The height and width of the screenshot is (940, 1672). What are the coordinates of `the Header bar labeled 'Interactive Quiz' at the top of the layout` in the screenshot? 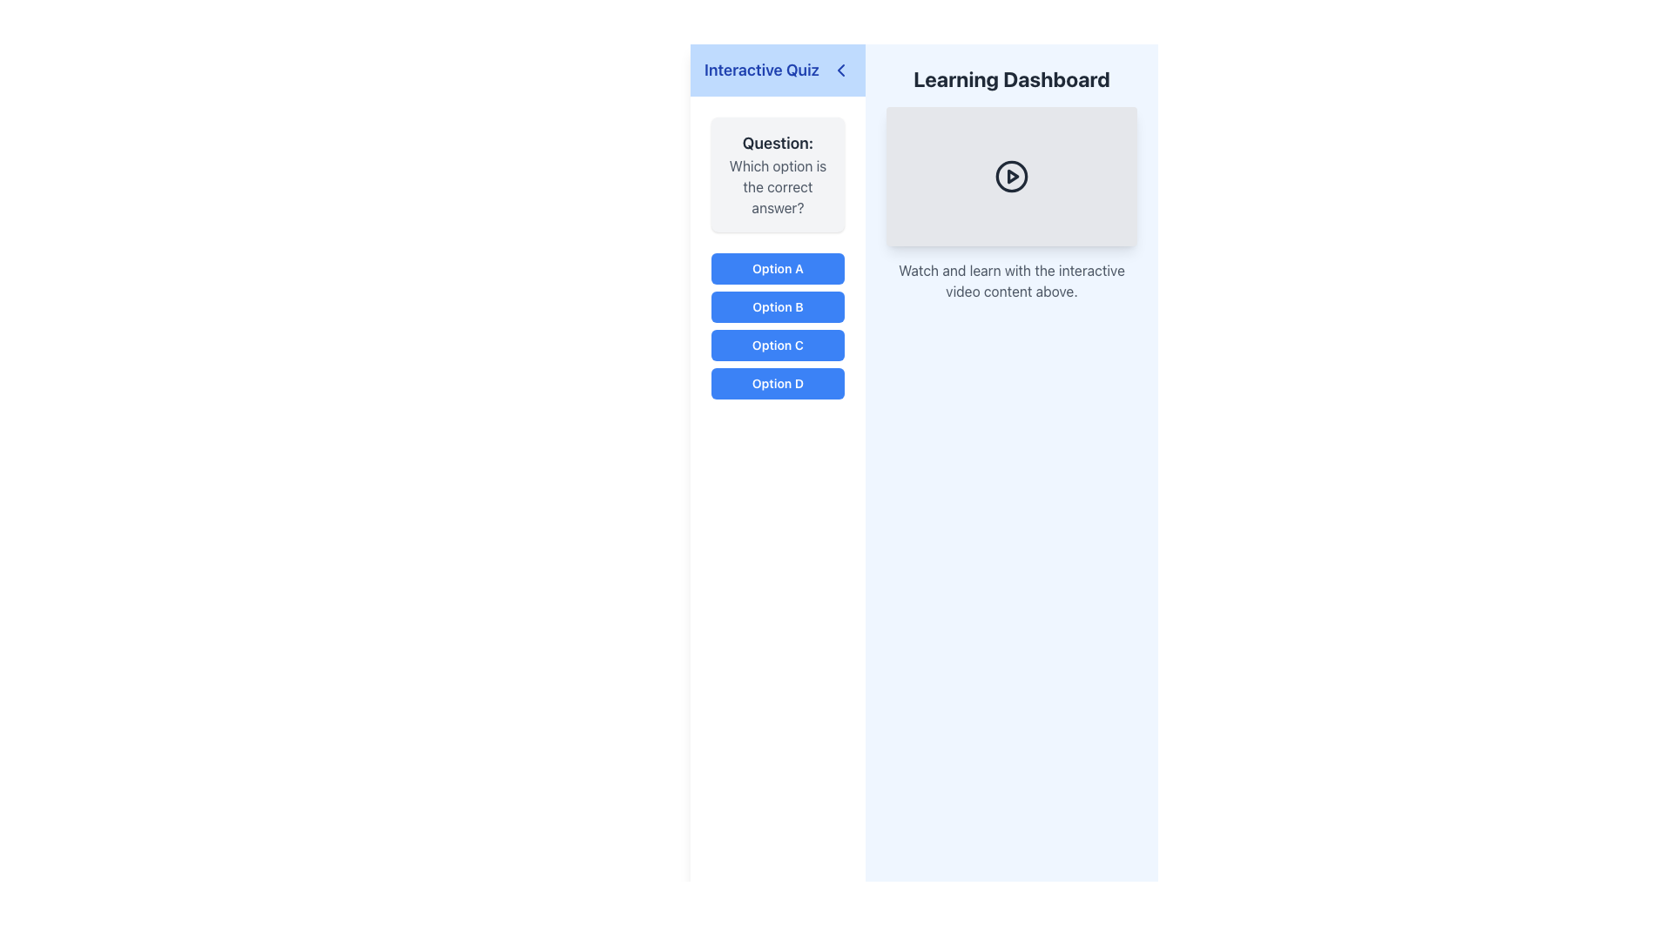 It's located at (777, 70).